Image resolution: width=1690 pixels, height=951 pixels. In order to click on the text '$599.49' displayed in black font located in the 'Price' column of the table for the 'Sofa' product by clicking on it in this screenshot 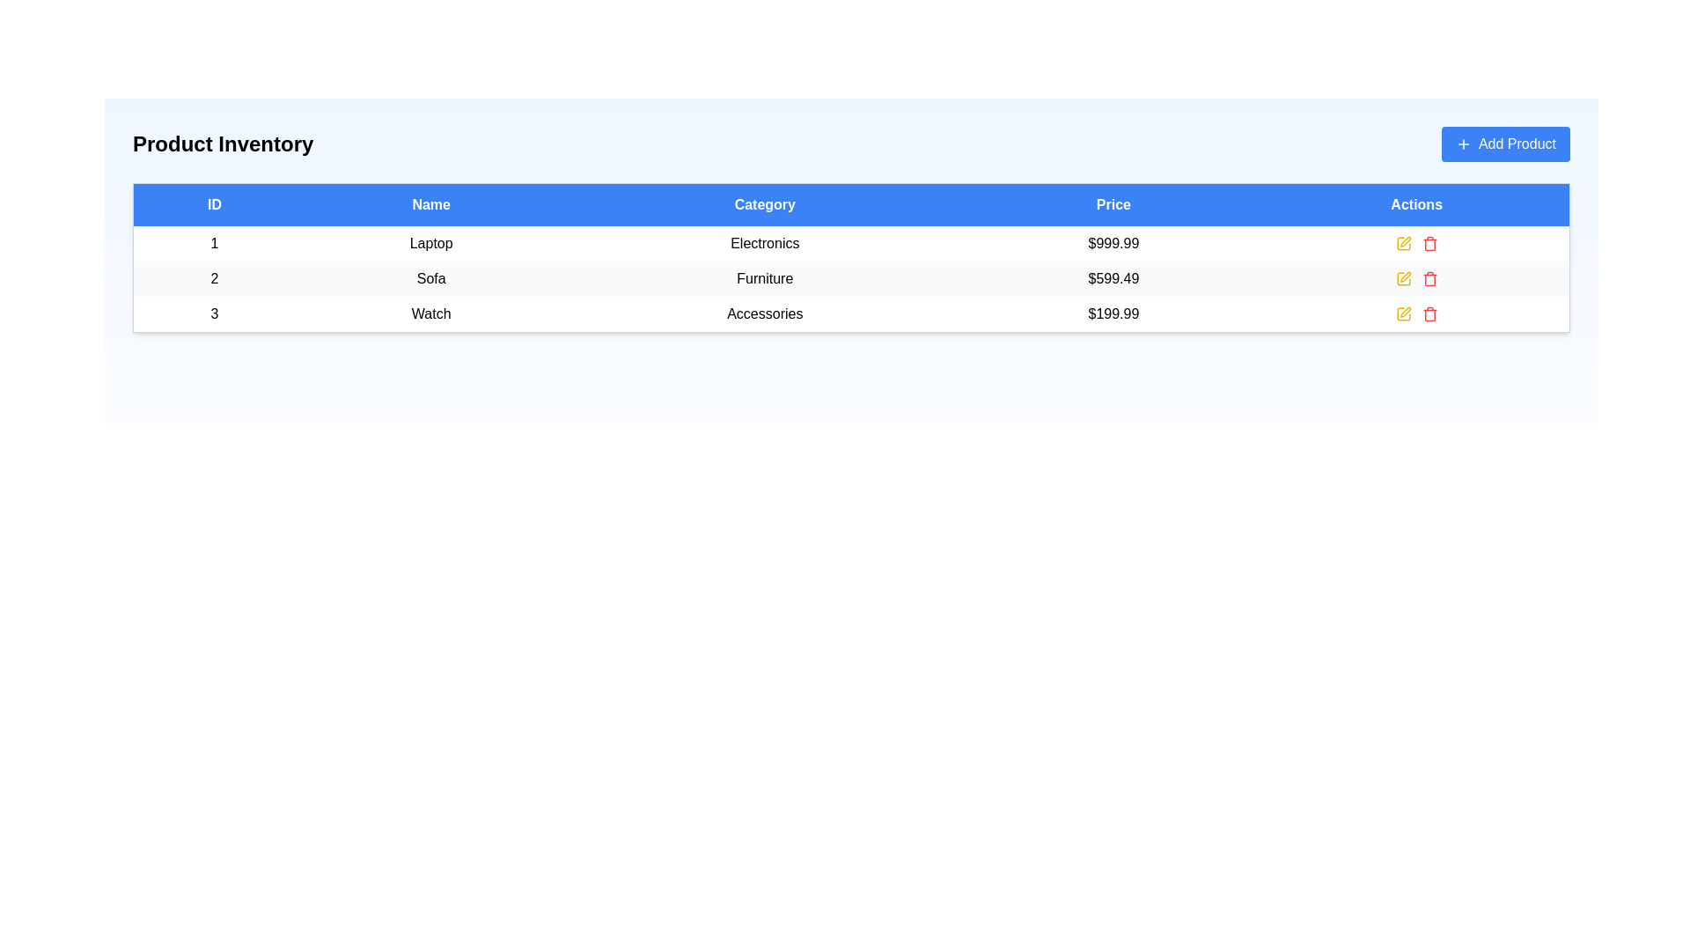, I will do `click(1113, 277)`.